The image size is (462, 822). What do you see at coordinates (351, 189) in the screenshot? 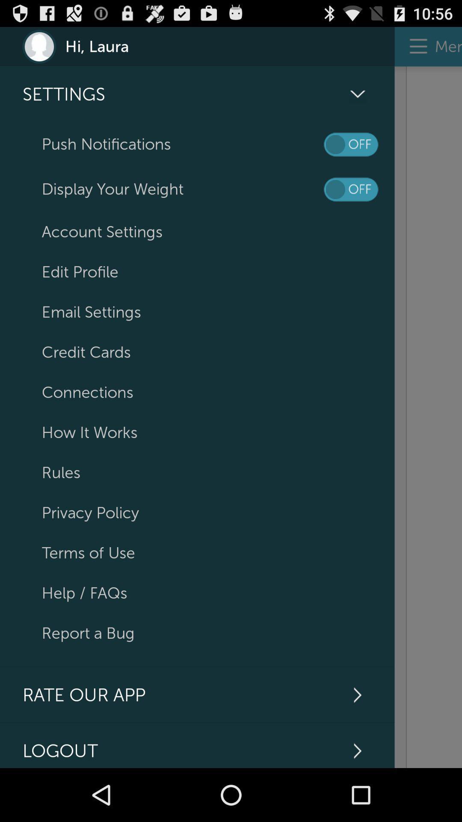
I see `display your weight on` at bounding box center [351, 189].